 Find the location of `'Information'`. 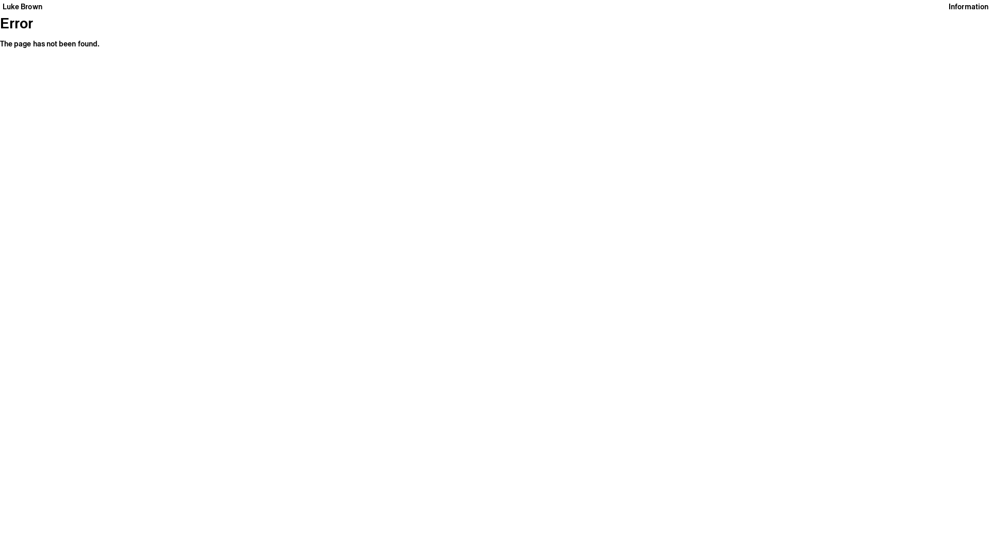

'Information' is located at coordinates (968, 6).